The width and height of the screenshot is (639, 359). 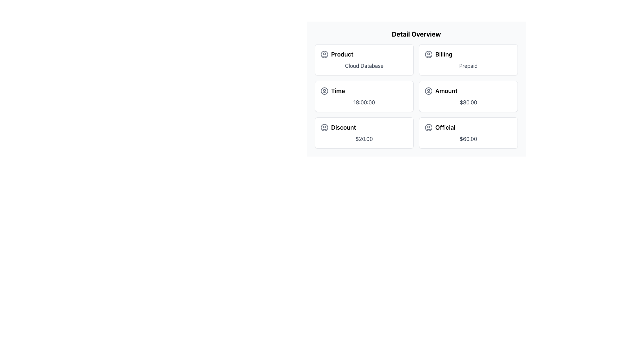 I want to click on data displayed in the structured grid layout that contains sections labeled 'Product', 'Billing', 'Time', 'Amount', 'Discount', and 'Official', so click(x=416, y=96).